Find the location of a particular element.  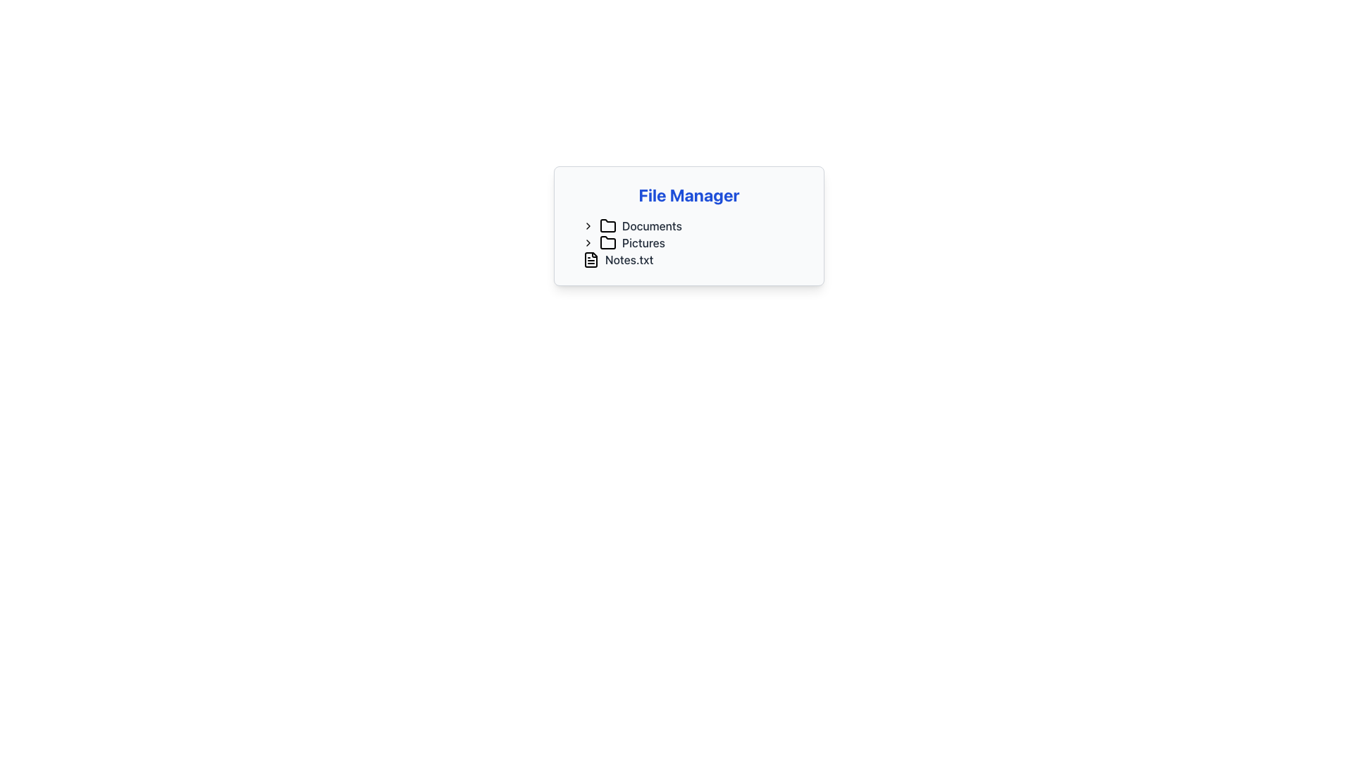

the curved rectangular graphical icon component of the trash icon, which is located under the 'Notes.txt' label in the file manager interface is located at coordinates (679, 261).